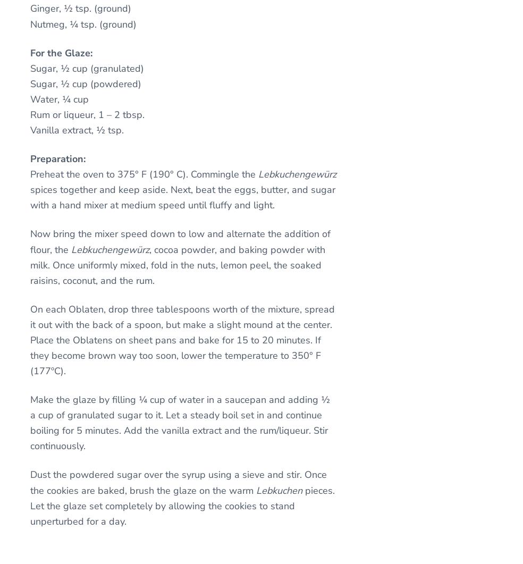 Image resolution: width=523 pixels, height=564 pixels. Describe the element at coordinates (86, 83) in the screenshot. I see `'Sugar, ½ cup (powdered)'` at that location.